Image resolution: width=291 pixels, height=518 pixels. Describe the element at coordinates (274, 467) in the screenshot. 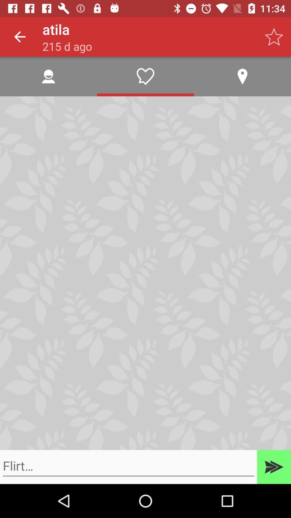

I see `send message` at that location.